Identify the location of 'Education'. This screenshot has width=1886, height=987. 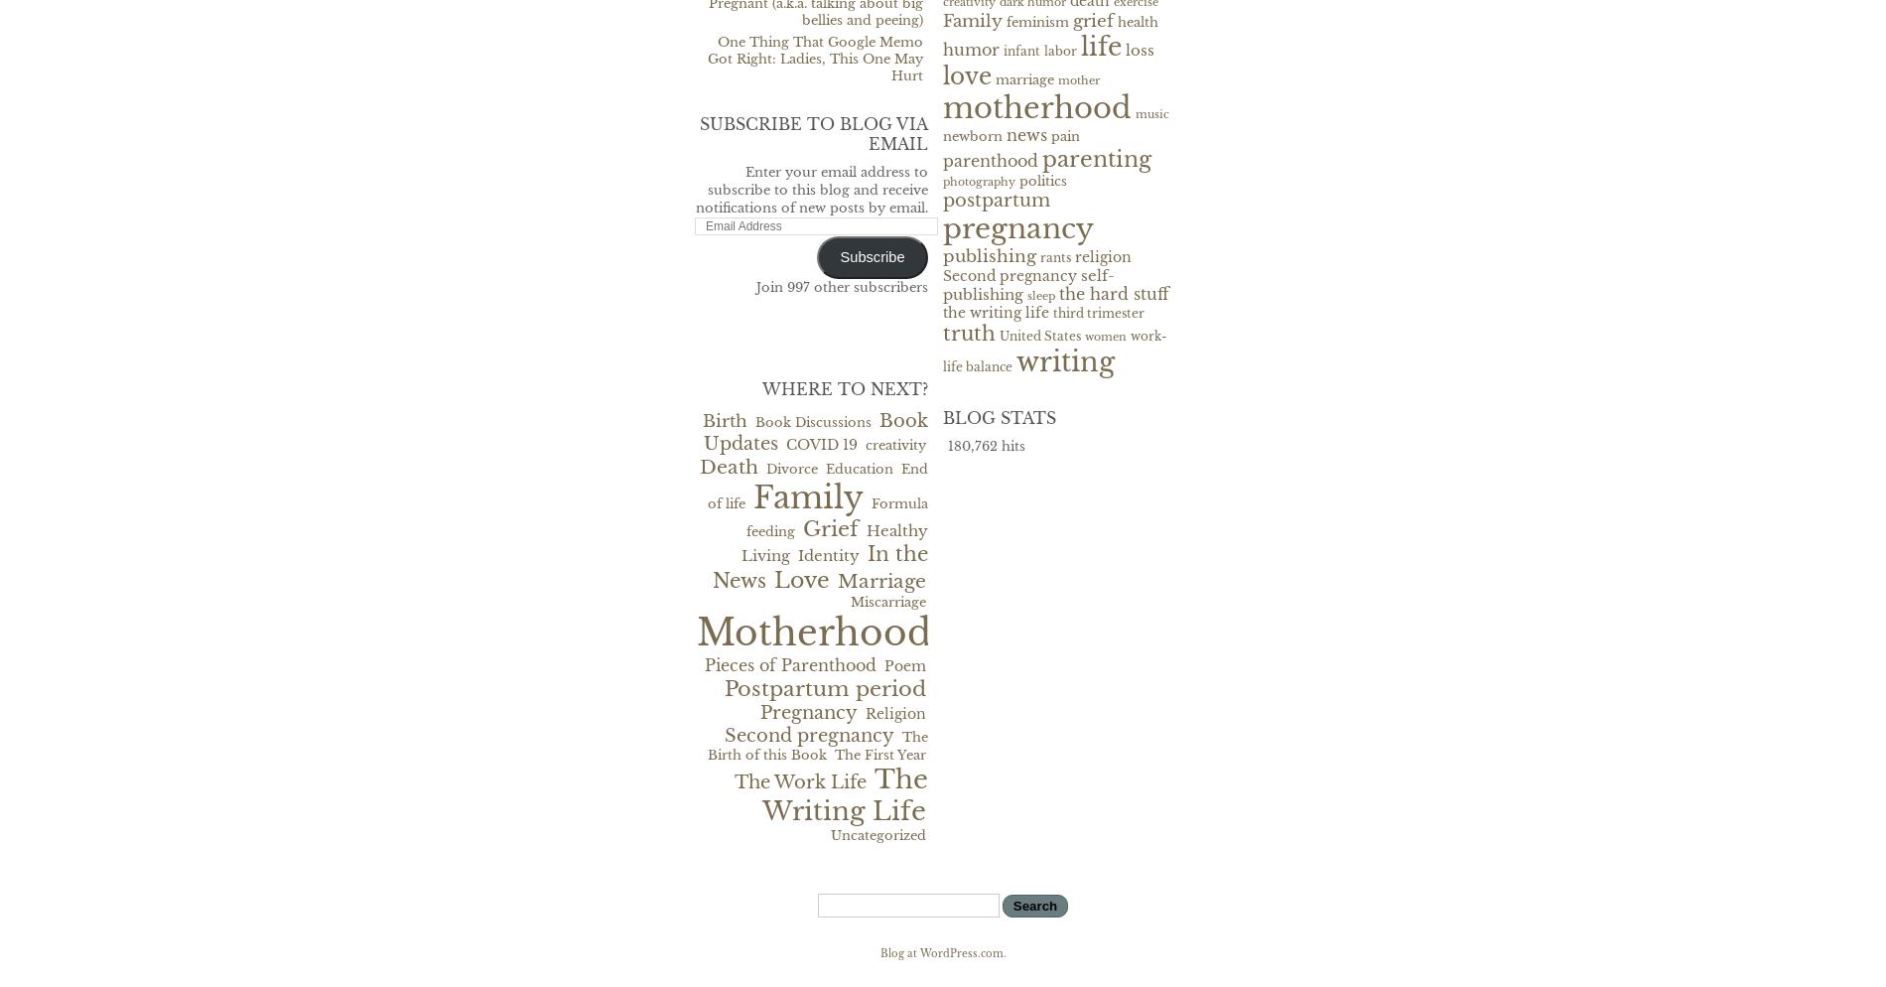
(825, 468).